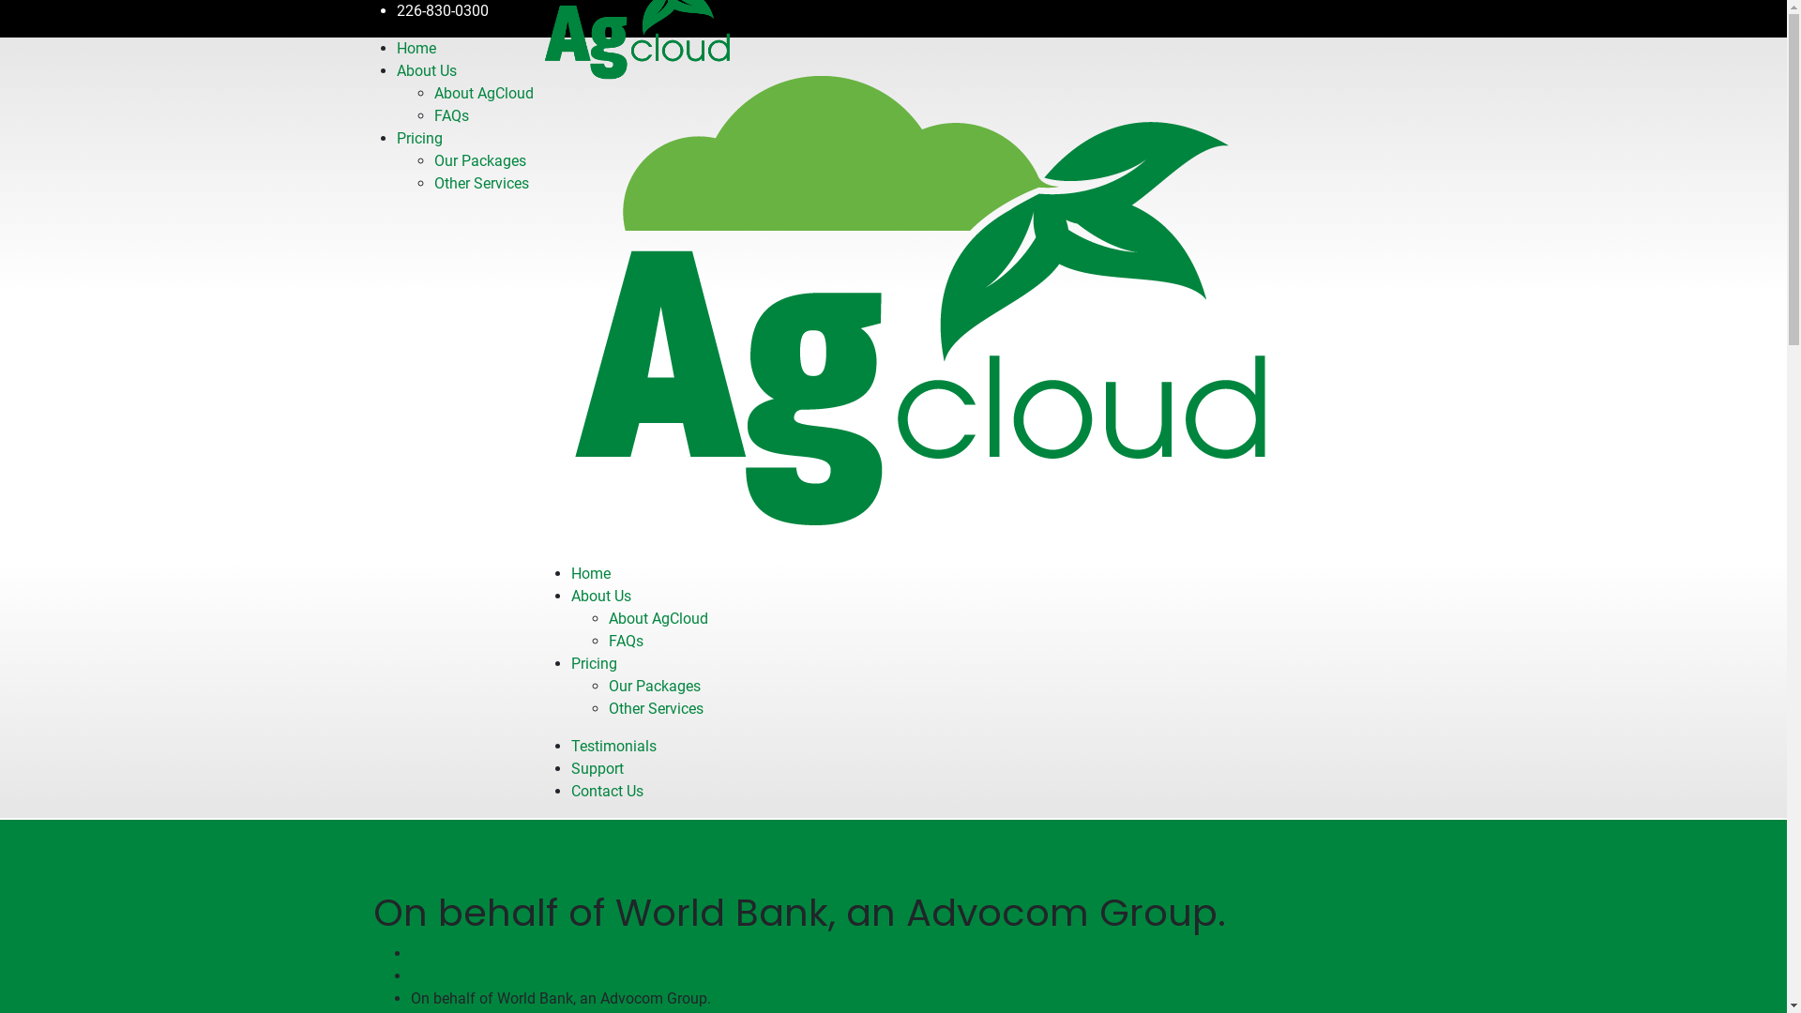 The width and height of the screenshot is (1801, 1013). Describe the element at coordinates (450, 115) in the screenshot. I see `'FAQs'` at that location.